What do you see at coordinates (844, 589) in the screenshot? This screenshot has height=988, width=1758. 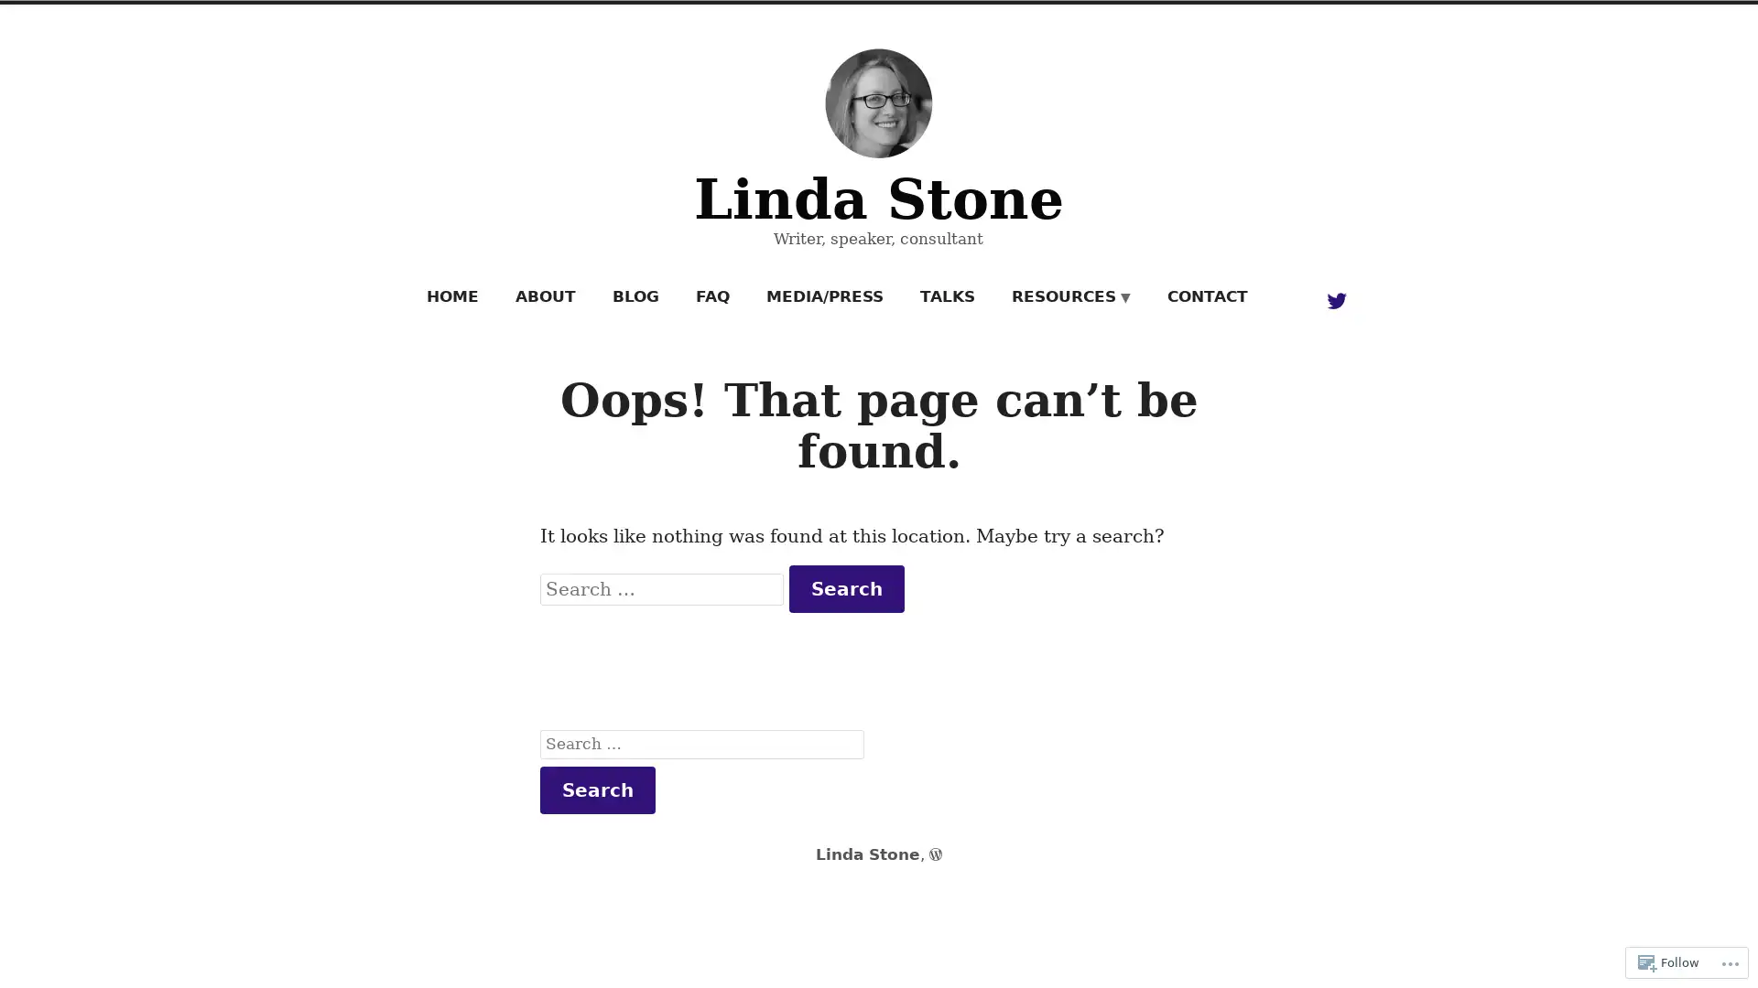 I see `Search` at bounding box center [844, 589].